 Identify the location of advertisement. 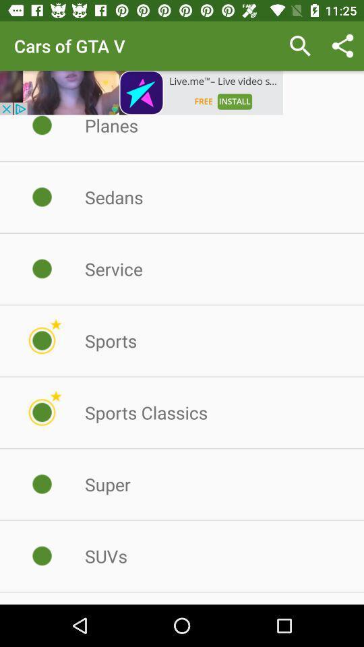
(141, 92).